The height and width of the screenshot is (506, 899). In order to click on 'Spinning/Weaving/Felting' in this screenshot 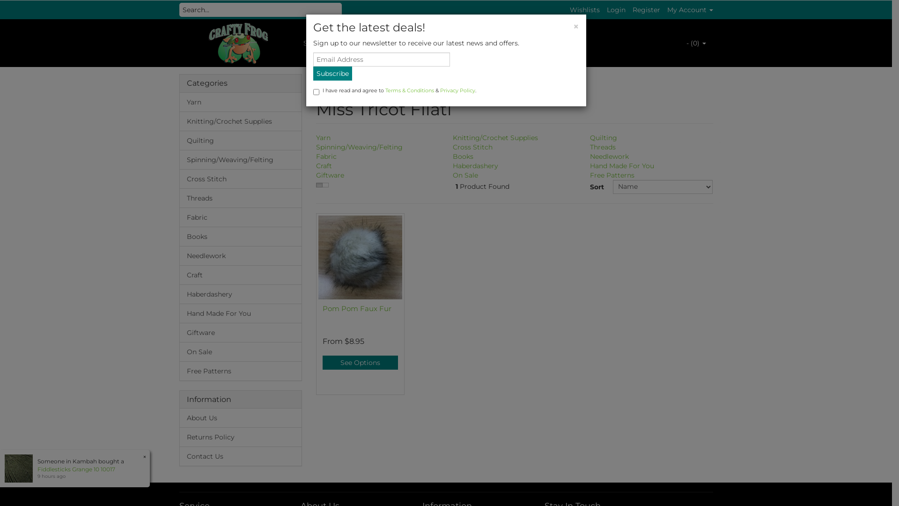, I will do `click(241, 159)`.